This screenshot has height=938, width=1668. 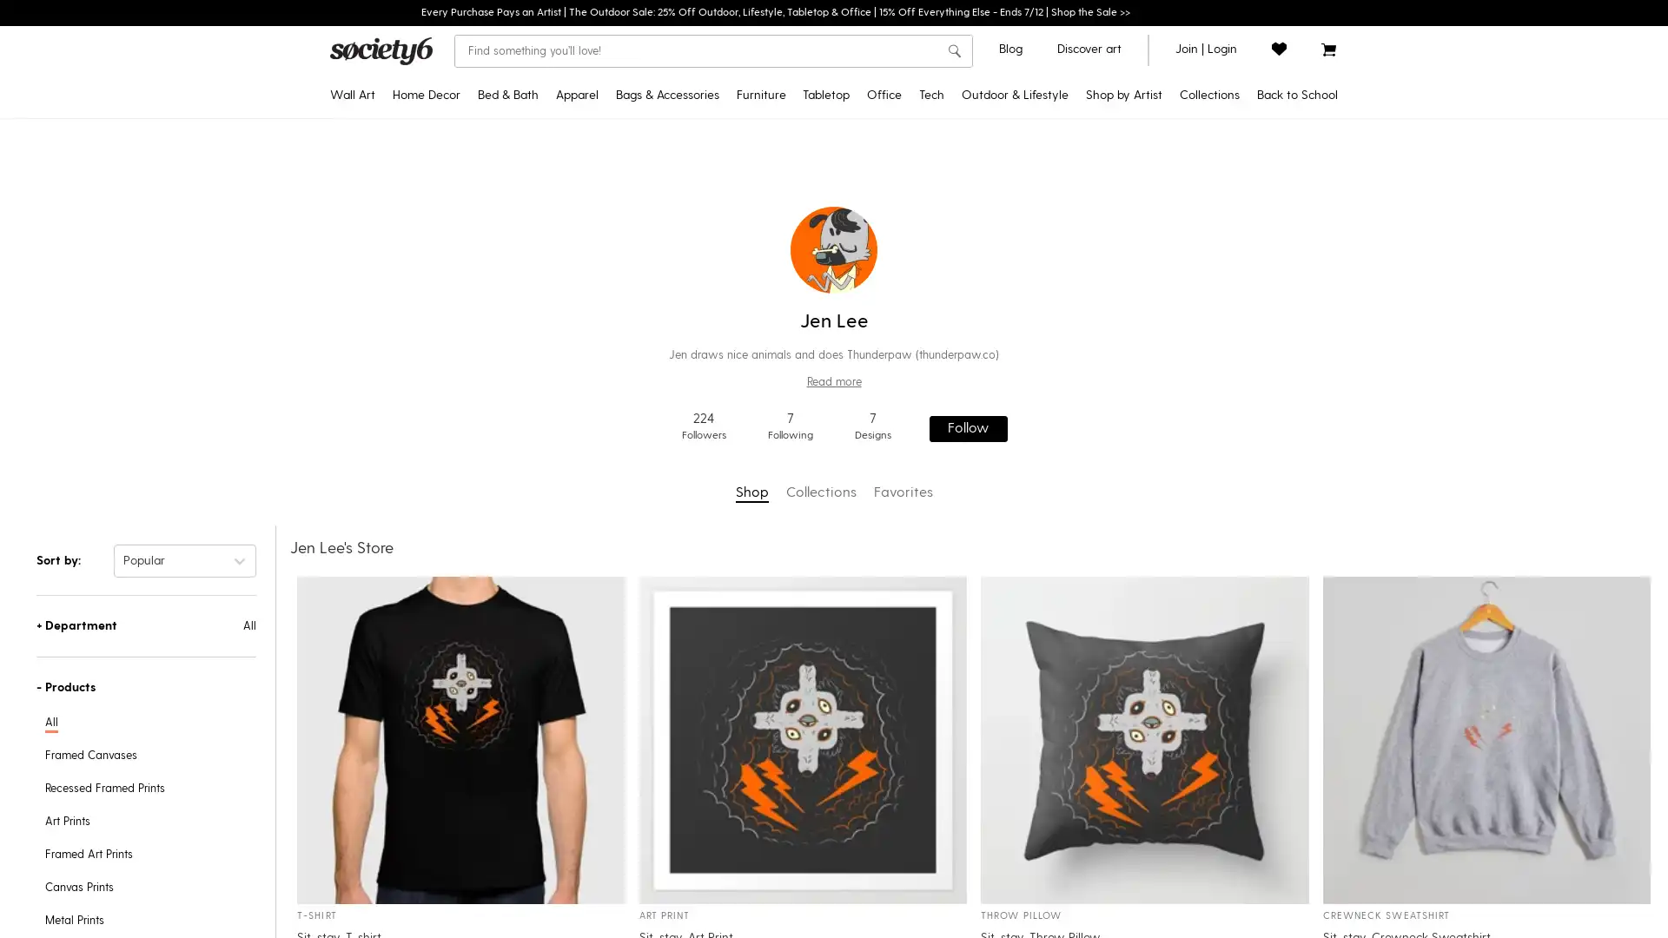 I want to click on Wallpaper, so click(x=459, y=419).